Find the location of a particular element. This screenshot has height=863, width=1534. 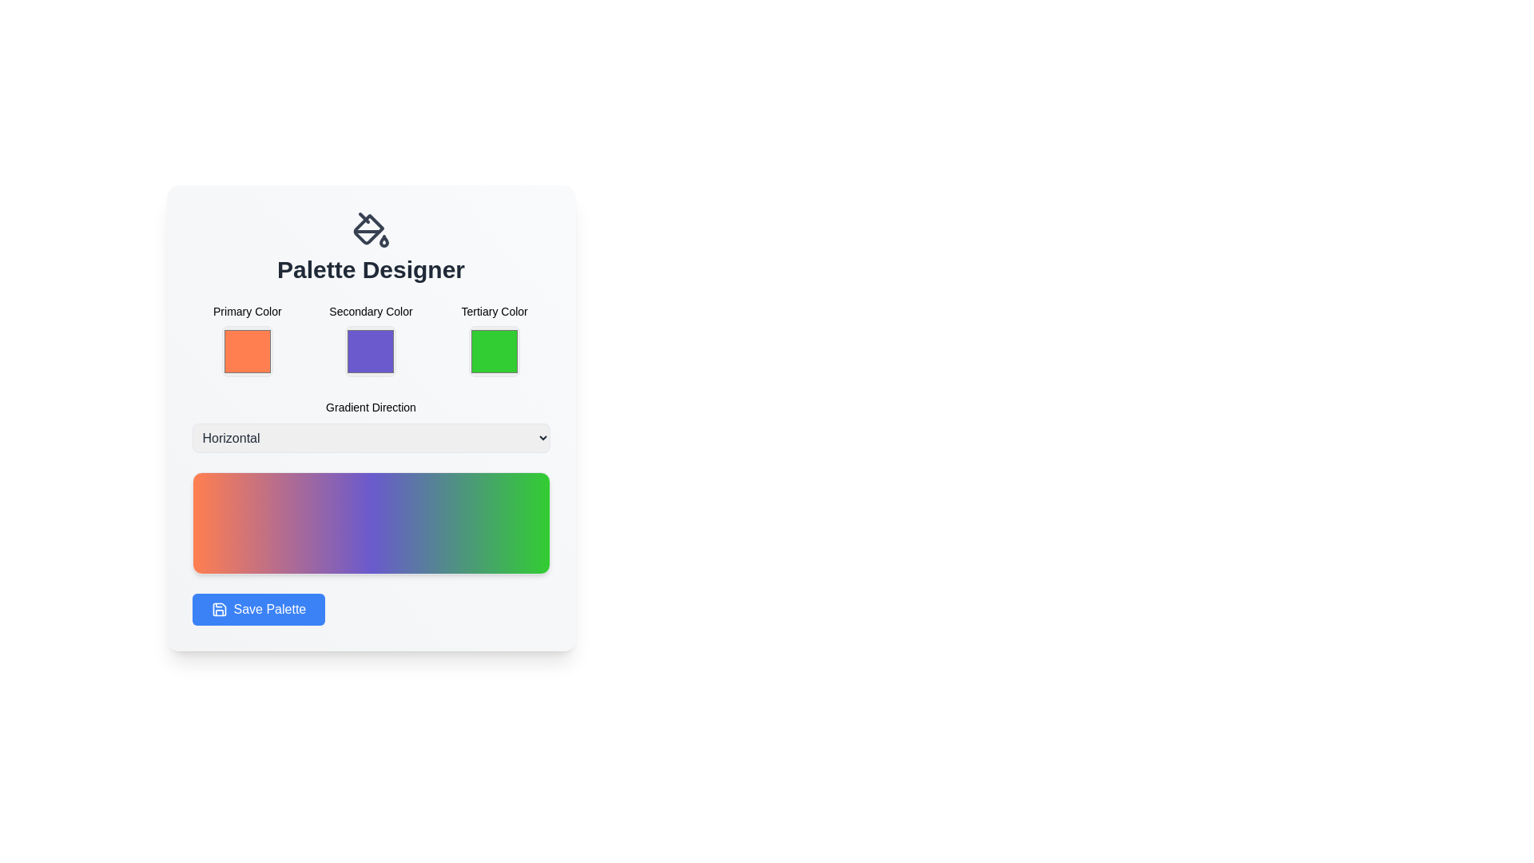

the dropdown menu located near the vertical center of the 'Palette Designer' panel is located at coordinates (370, 424).